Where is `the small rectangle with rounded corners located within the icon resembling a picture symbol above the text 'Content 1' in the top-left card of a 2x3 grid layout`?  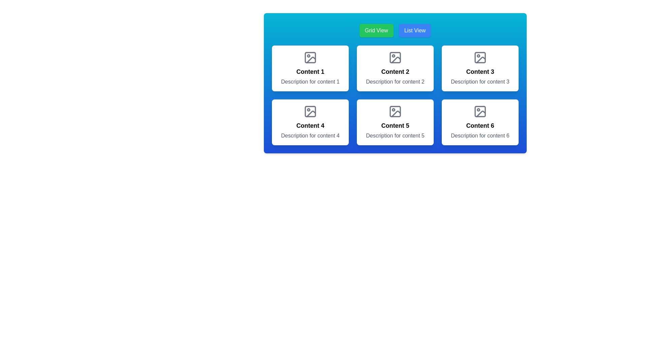
the small rectangle with rounded corners located within the icon resembling a picture symbol above the text 'Content 1' in the top-left card of a 2x3 grid layout is located at coordinates (310, 57).